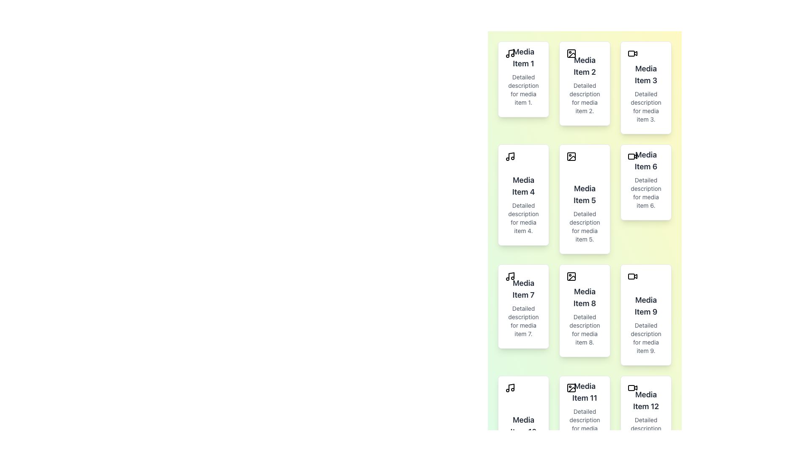 This screenshot has height=456, width=811. What do you see at coordinates (523, 79) in the screenshot?
I see `the first media card titled 'Media Item 1' located in the top-left corner of the grid layout` at bounding box center [523, 79].